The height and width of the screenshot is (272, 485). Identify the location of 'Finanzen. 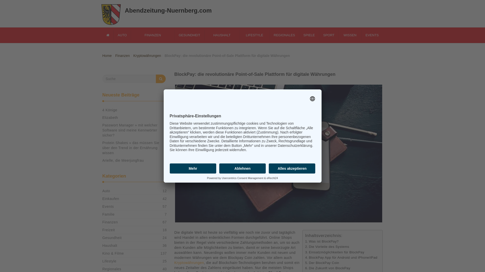
(102, 222).